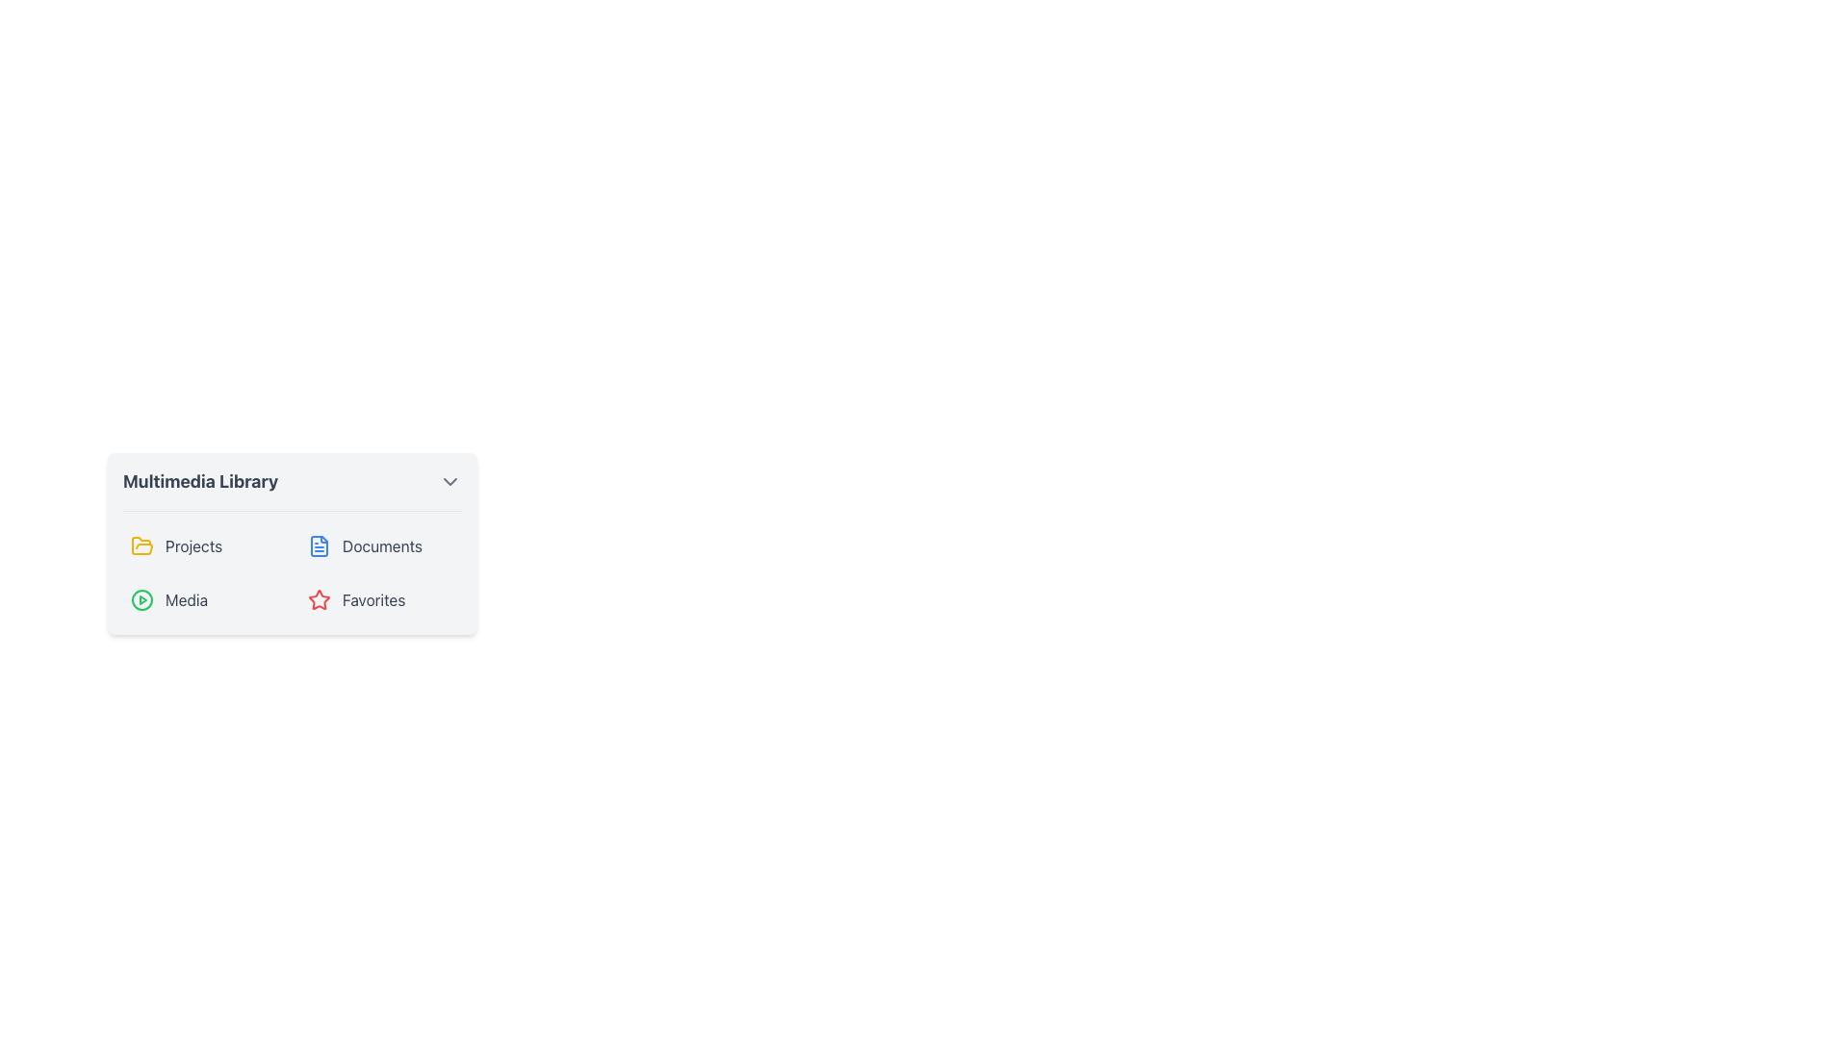  Describe the element at coordinates (449, 481) in the screenshot. I see `the downward-facing chevron icon button located at the rightmost end of the 'Multimedia Library' header` at that location.